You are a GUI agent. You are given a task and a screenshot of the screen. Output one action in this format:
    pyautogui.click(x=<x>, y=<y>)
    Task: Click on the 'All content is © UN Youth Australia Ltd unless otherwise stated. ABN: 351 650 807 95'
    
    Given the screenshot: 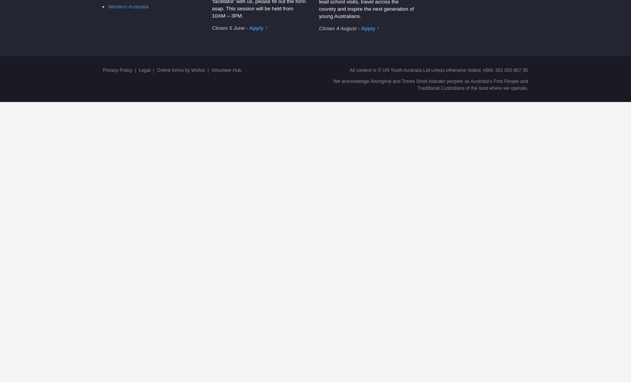 What is the action you would take?
    pyautogui.click(x=349, y=70)
    